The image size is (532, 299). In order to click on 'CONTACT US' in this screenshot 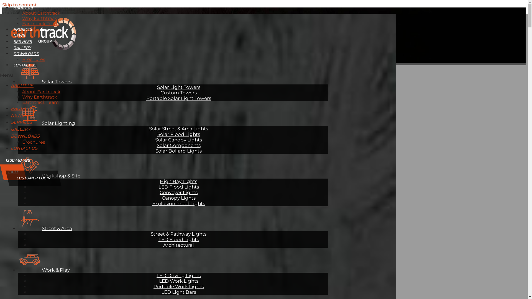, I will do `click(25, 65)`.